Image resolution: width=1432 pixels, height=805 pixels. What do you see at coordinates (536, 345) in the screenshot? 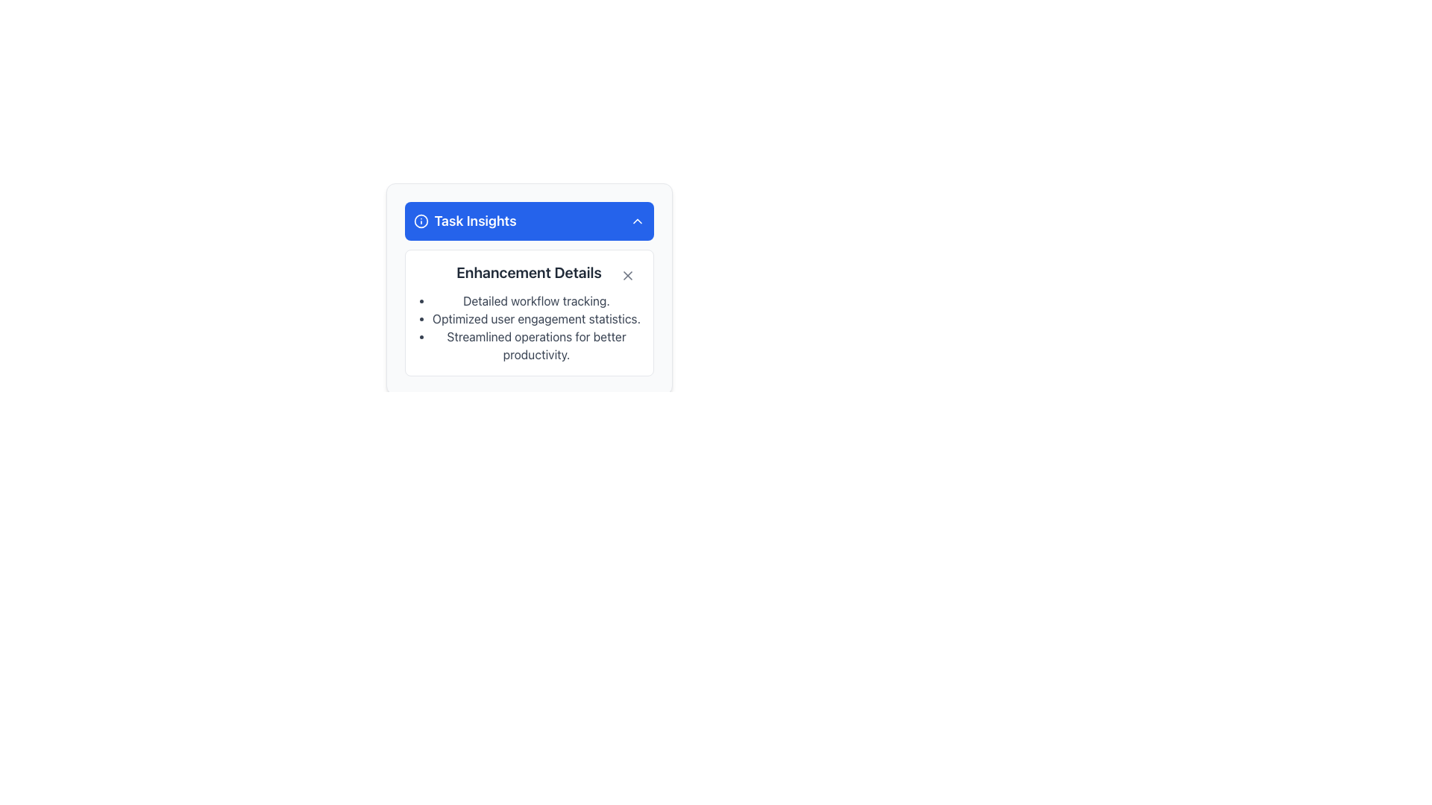
I see `text of the third bullet point in the 'Enhancement Details' list, which is located below the 'Task Insights' header` at bounding box center [536, 345].